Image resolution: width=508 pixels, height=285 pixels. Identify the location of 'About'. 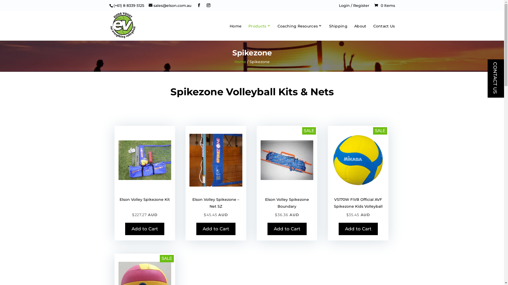
(360, 32).